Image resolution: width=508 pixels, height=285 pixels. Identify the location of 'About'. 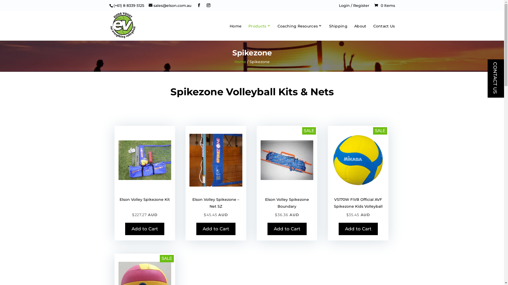
(360, 32).